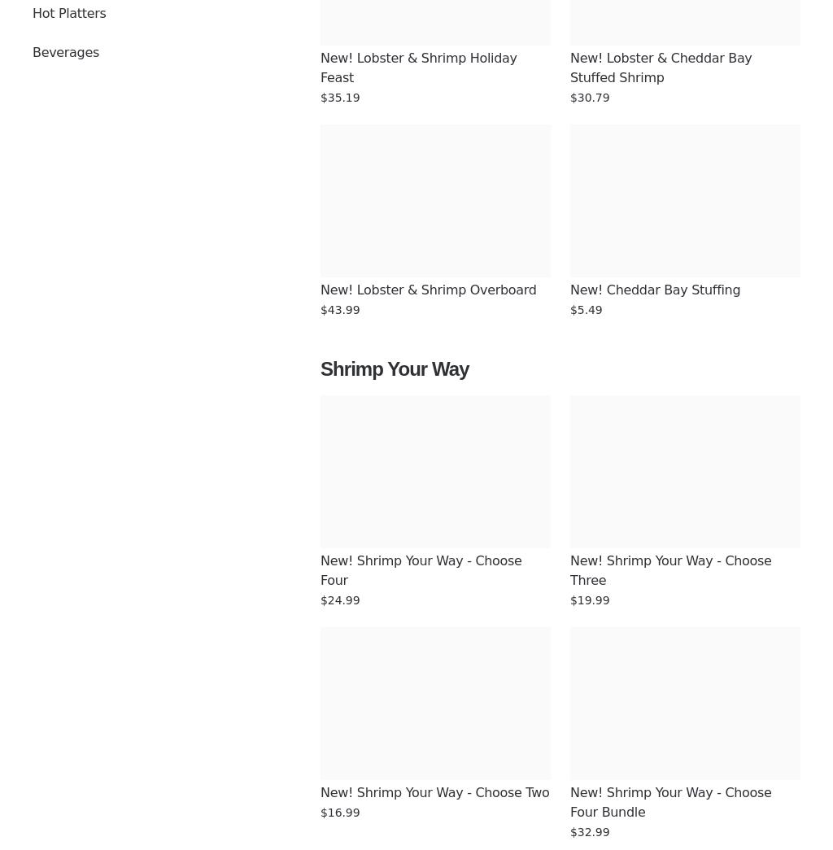 This screenshot has height=850, width=833. Describe the element at coordinates (434, 791) in the screenshot. I see `'New! Shrimp Your Way - Choose Two'` at that location.